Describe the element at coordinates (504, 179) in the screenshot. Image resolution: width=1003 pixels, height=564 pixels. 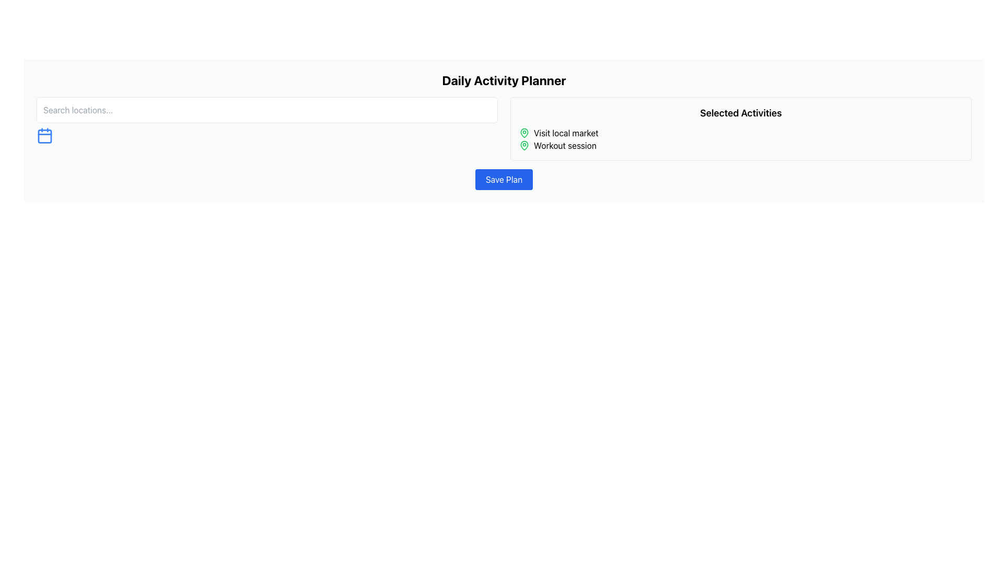
I see `the 'Save' button in the 'Daily Activity Planner' section to possibly reveal a tooltip` at that location.